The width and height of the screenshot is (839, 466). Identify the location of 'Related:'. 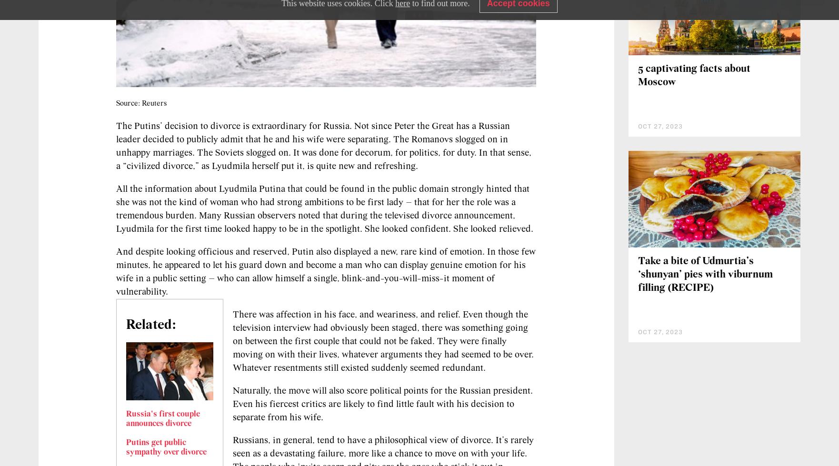
(126, 324).